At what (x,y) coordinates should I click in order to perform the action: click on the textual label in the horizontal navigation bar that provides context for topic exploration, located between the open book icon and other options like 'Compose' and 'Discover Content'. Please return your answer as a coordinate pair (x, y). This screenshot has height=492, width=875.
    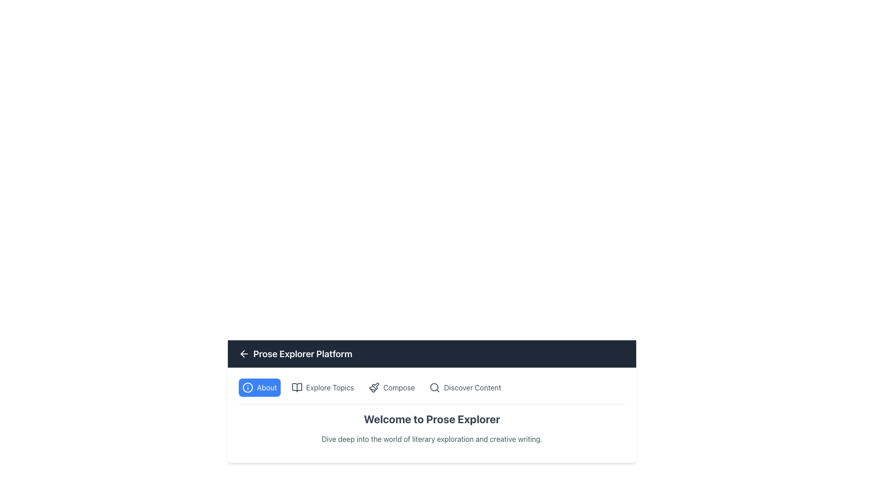
    Looking at the image, I should click on (329, 388).